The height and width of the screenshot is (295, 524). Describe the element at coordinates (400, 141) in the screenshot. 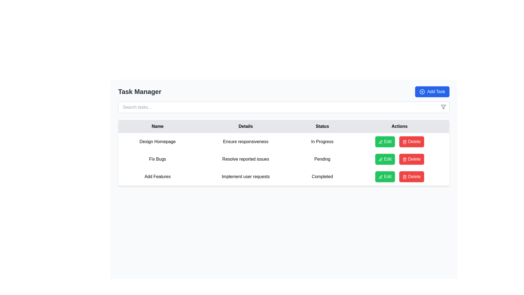

I see `the Button group containing the edit and delete action buttons in the 'Actions' column of the 'Task Manager' table for the task row 'Design Homepage'` at that location.